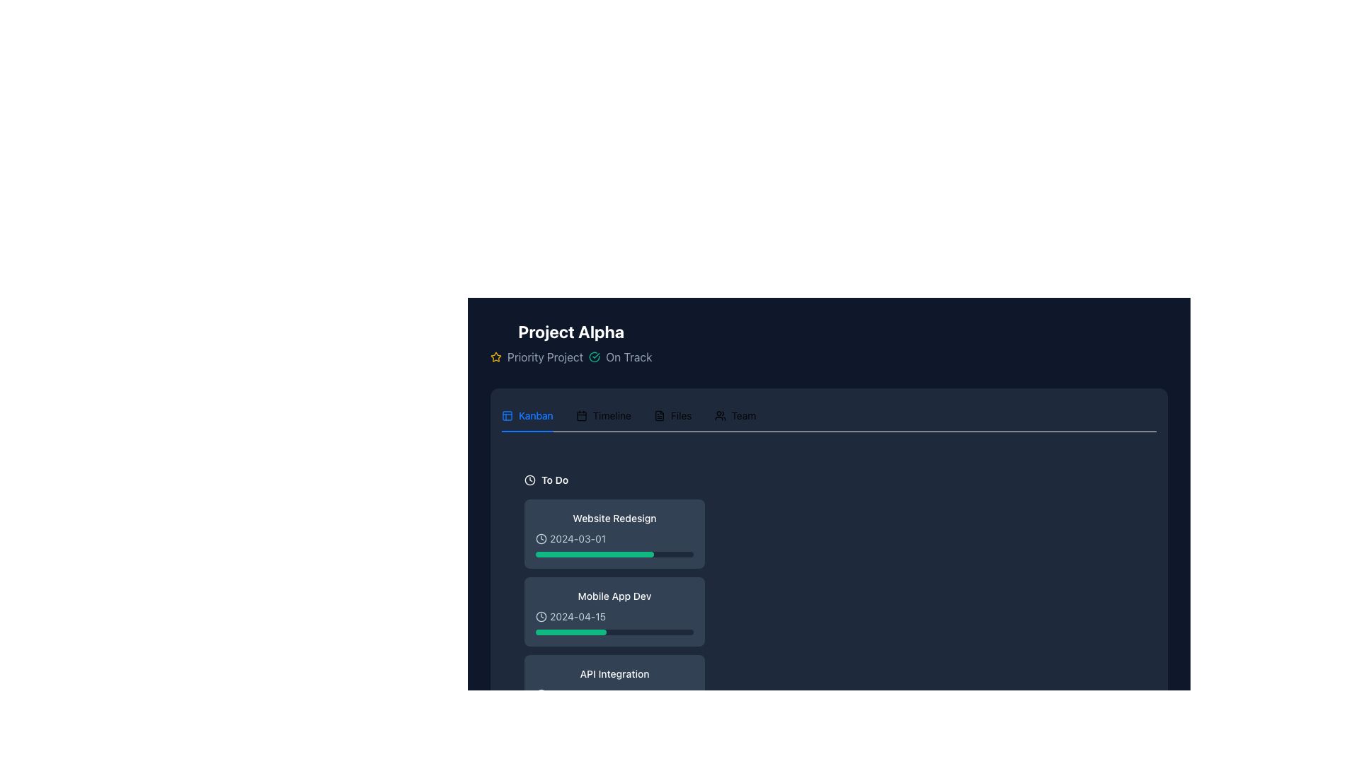 The width and height of the screenshot is (1359, 764). What do you see at coordinates (614, 610) in the screenshot?
I see `the second Card component in the 'To Do' section of the Kanban board` at bounding box center [614, 610].